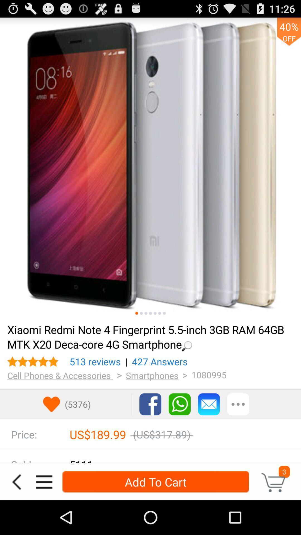 The height and width of the screenshot is (535, 301). Describe the element at coordinates (209, 404) in the screenshot. I see `contact seller` at that location.